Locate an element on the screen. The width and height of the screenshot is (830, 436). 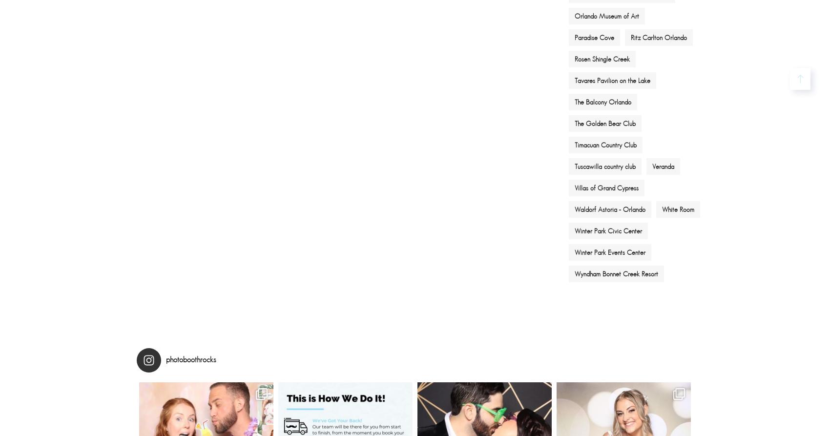
'Rosen Shingle Creek' is located at coordinates (574, 59).